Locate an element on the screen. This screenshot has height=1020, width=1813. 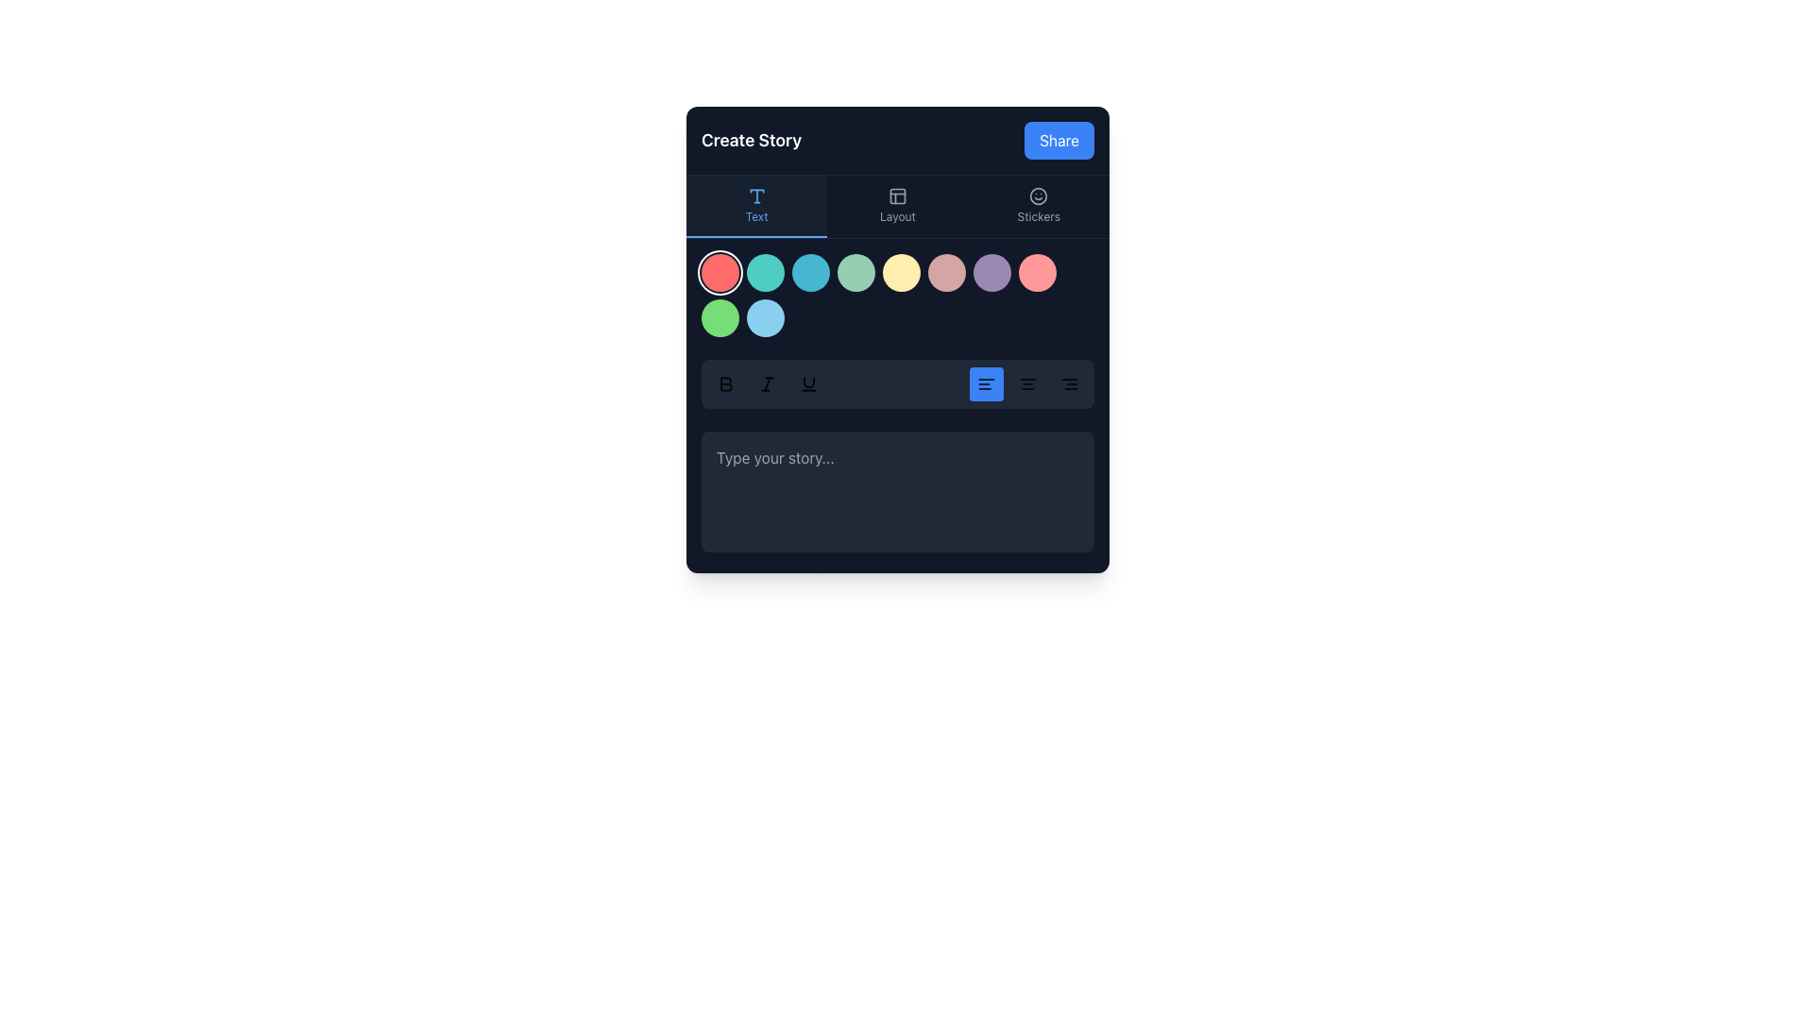
the center alignment icon located in the formatting toolbar, which is the first of two vertically-aligned icons on the right side of the text styling options (B, I, U) is located at coordinates (1027, 383).